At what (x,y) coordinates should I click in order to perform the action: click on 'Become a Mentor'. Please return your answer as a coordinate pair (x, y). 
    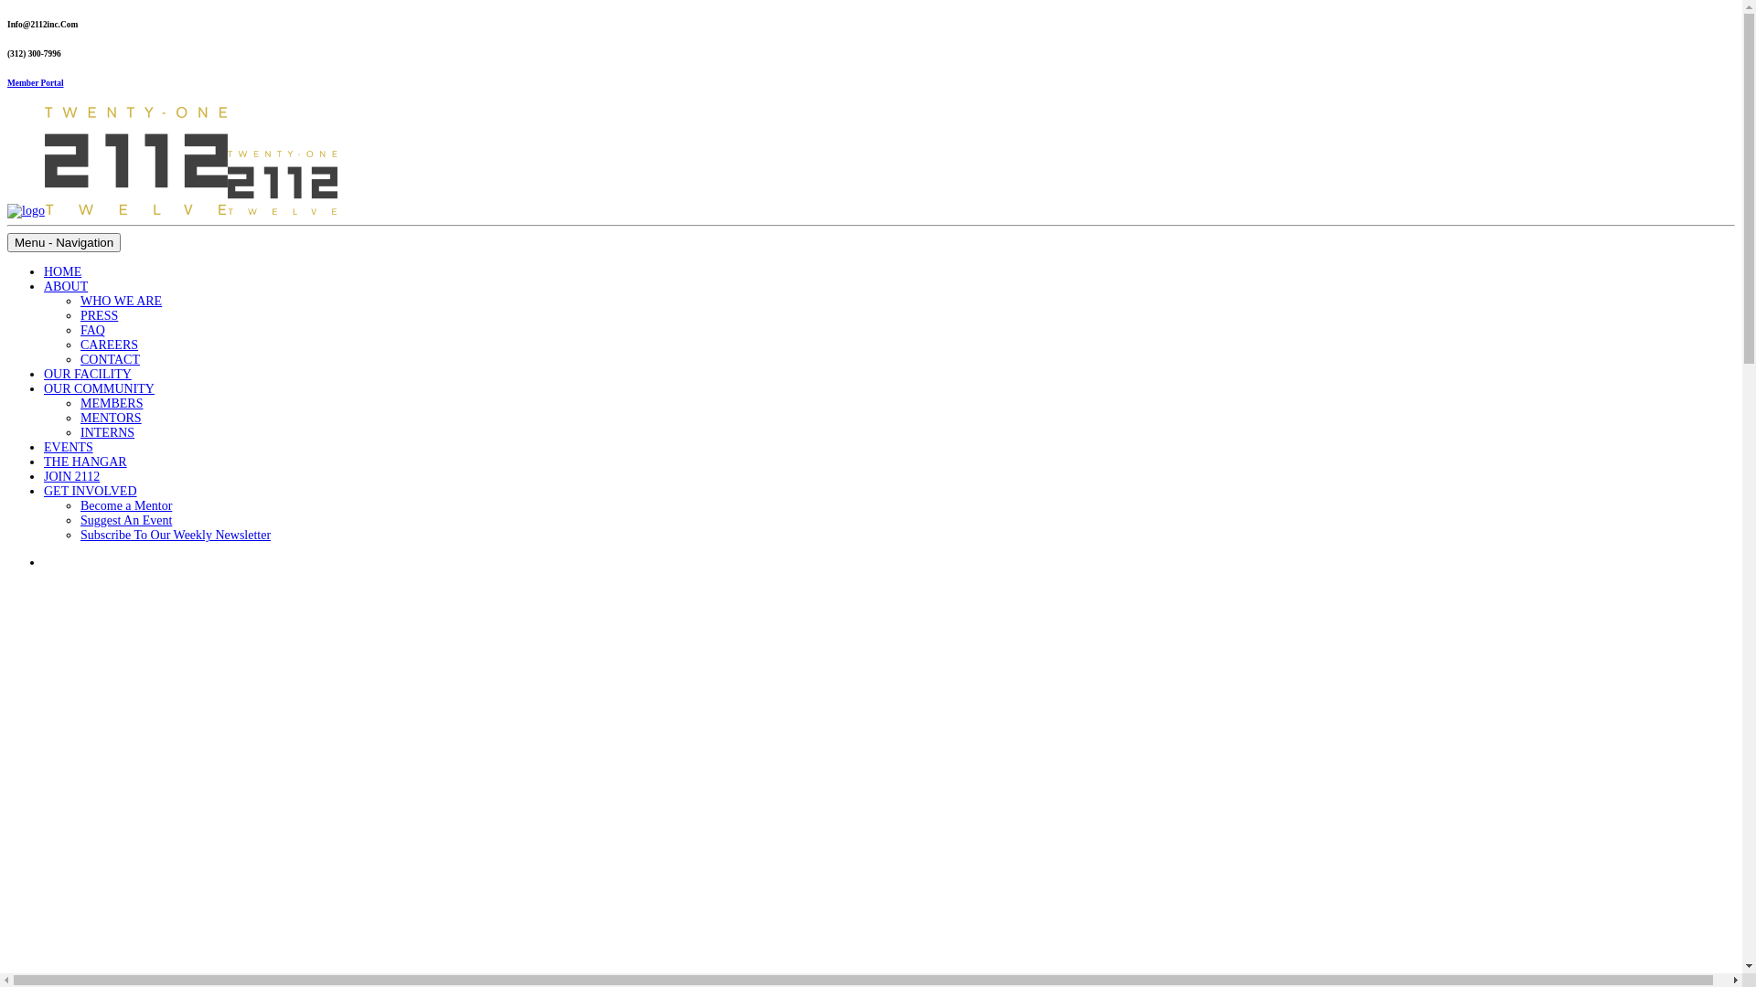
    Looking at the image, I should click on (125, 505).